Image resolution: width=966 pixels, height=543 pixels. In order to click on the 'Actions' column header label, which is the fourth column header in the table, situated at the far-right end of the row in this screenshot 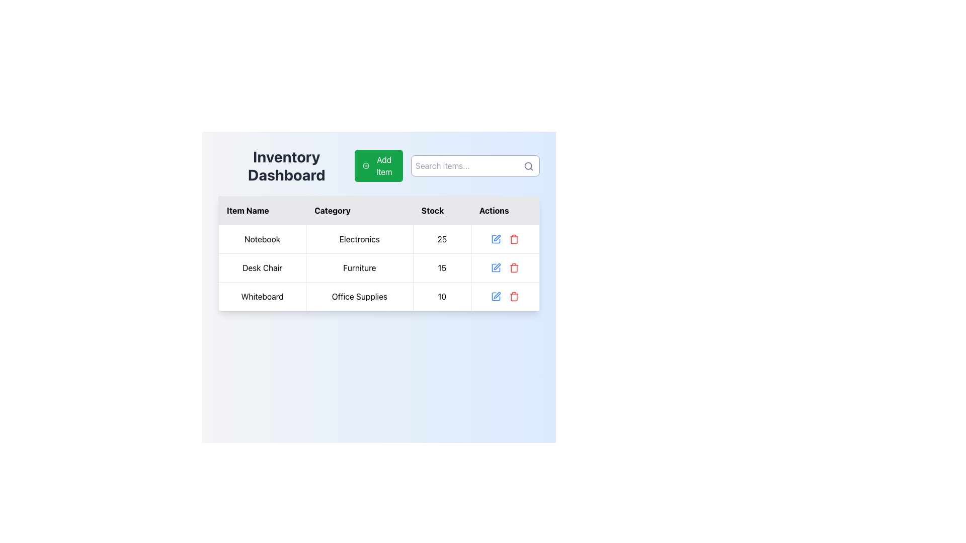, I will do `click(505, 210)`.